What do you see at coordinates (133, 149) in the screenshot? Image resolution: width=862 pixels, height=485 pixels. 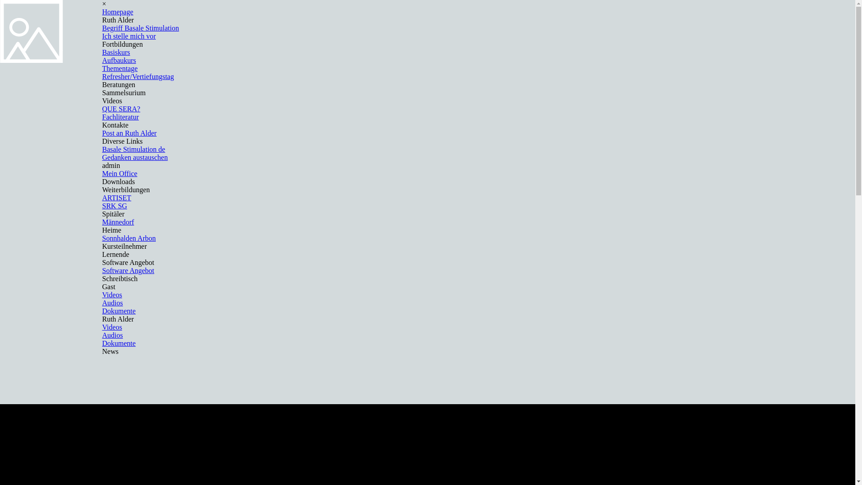 I see `'Basale Stimulation de'` at bounding box center [133, 149].